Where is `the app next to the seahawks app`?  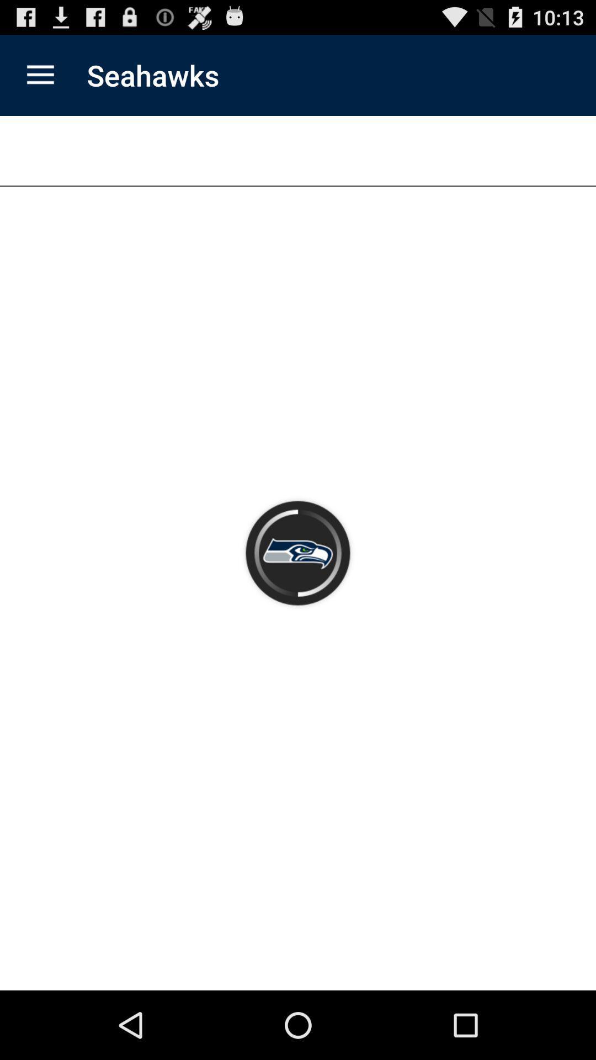 the app next to the seahawks app is located at coordinates (40, 75).